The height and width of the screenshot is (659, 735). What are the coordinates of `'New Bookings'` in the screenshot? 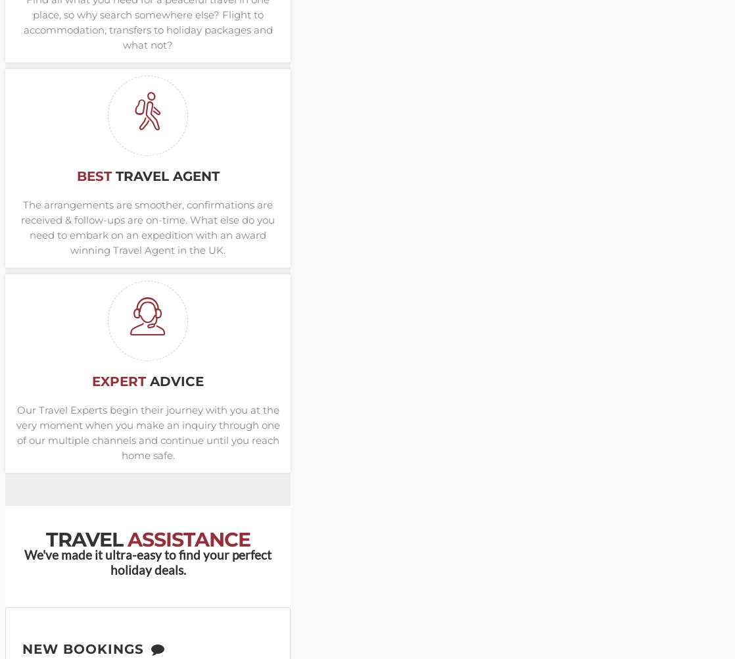 It's located at (85, 647).